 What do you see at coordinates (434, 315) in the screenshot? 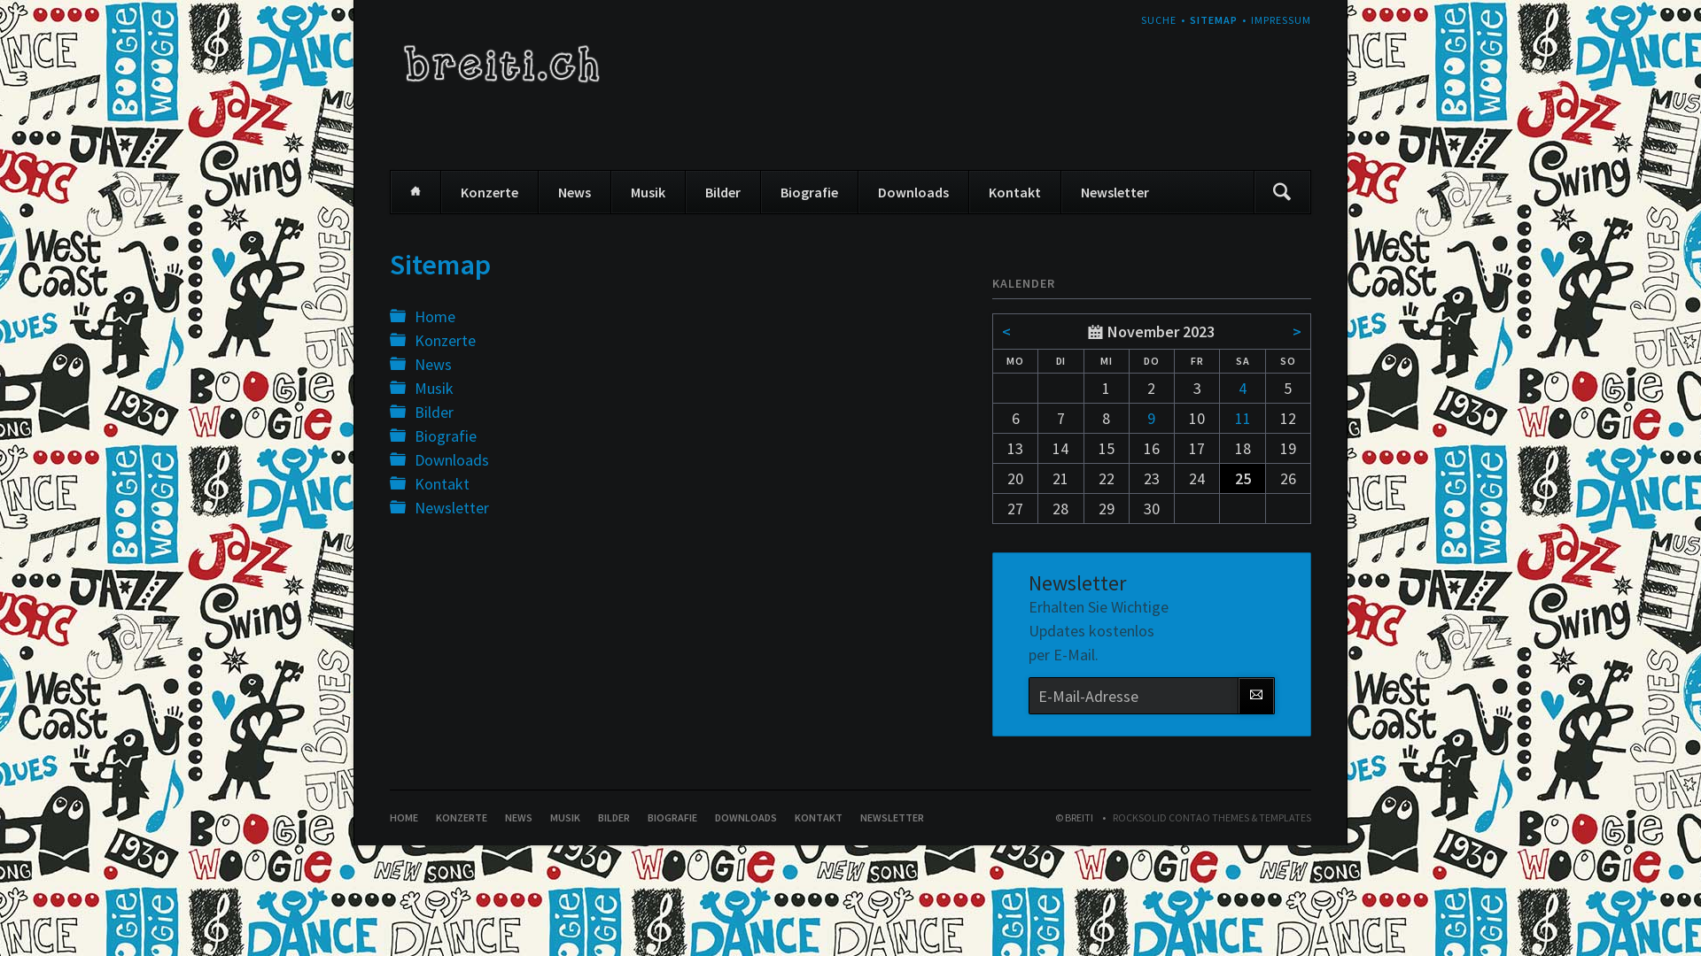
I see `'Home'` at bounding box center [434, 315].